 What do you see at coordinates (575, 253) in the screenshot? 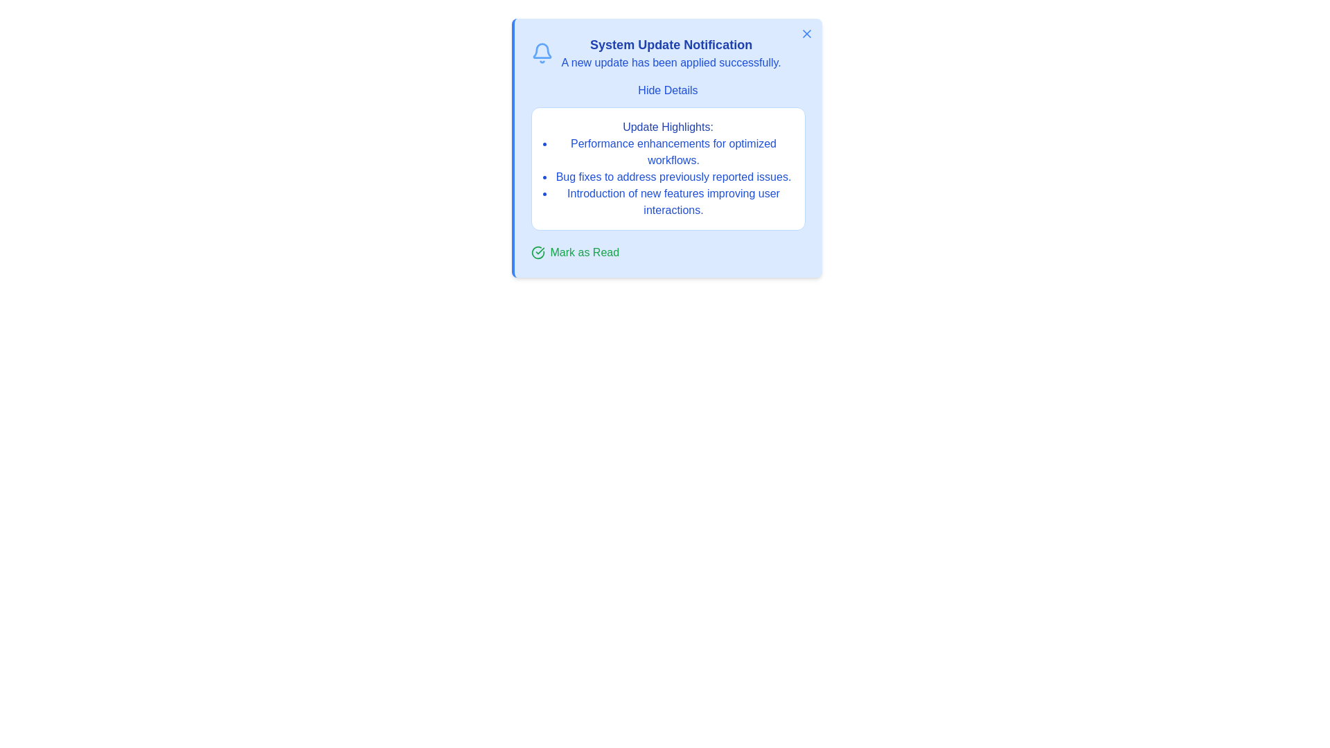
I see `the 'Mark as Read' button to mark the notification as read` at bounding box center [575, 253].